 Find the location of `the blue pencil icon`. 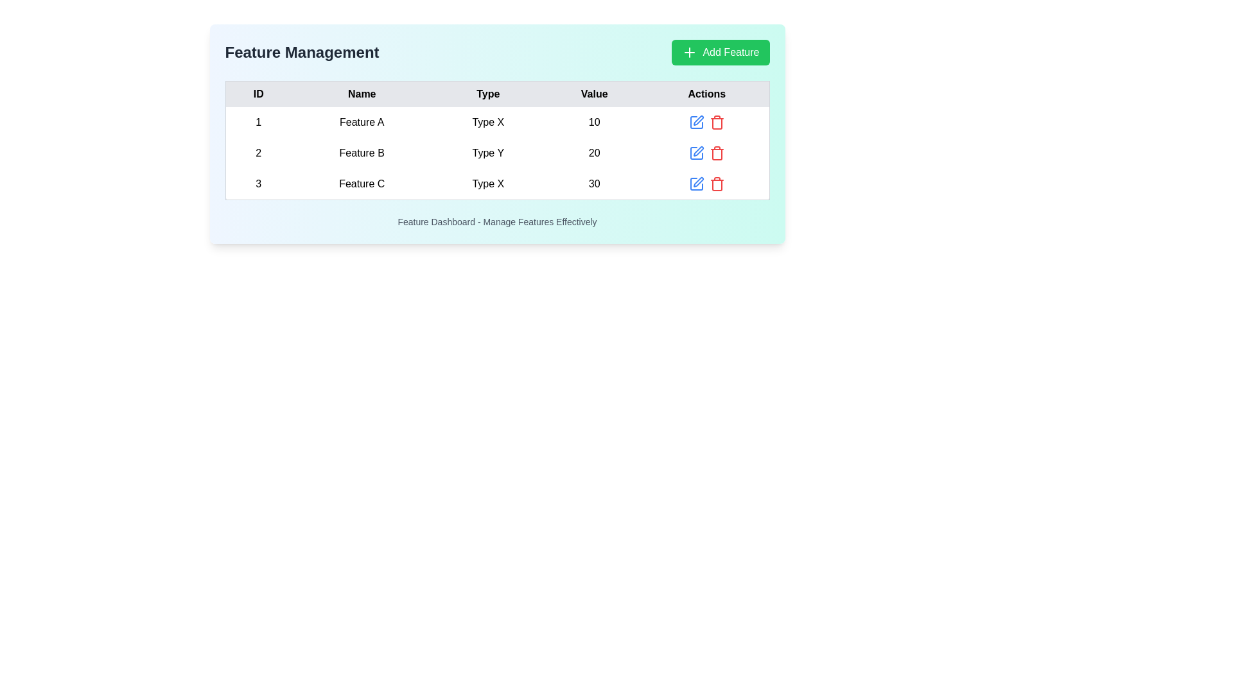

the blue pencil icon is located at coordinates (706, 184).